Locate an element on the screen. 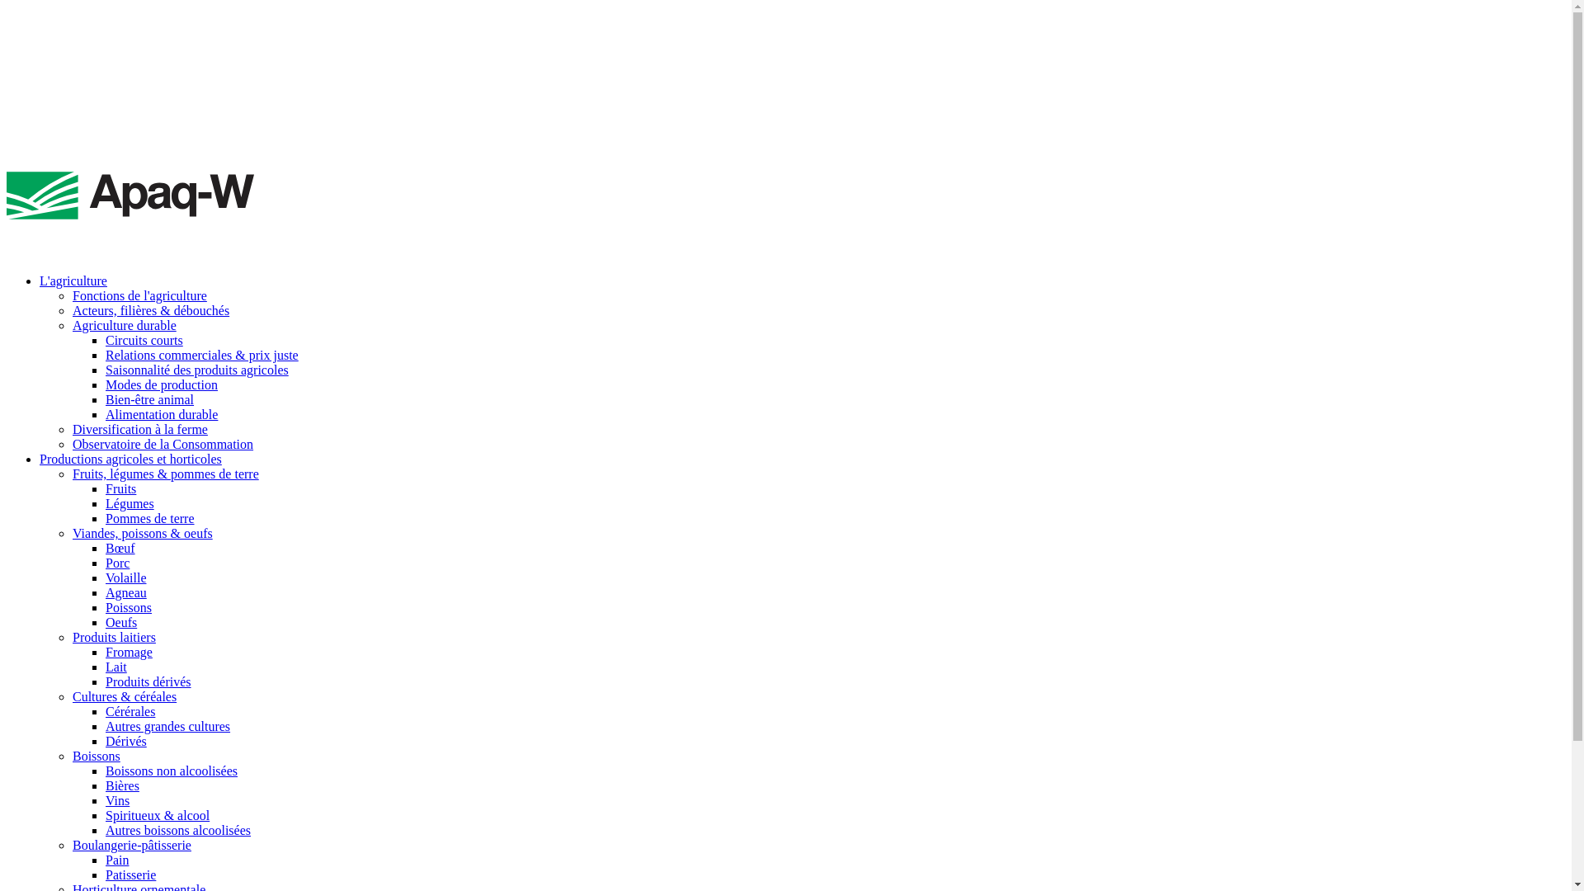 The height and width of the screenshot is (891, 1584). 'Spiritueux & alcool' is located at coordinates (158, 814).